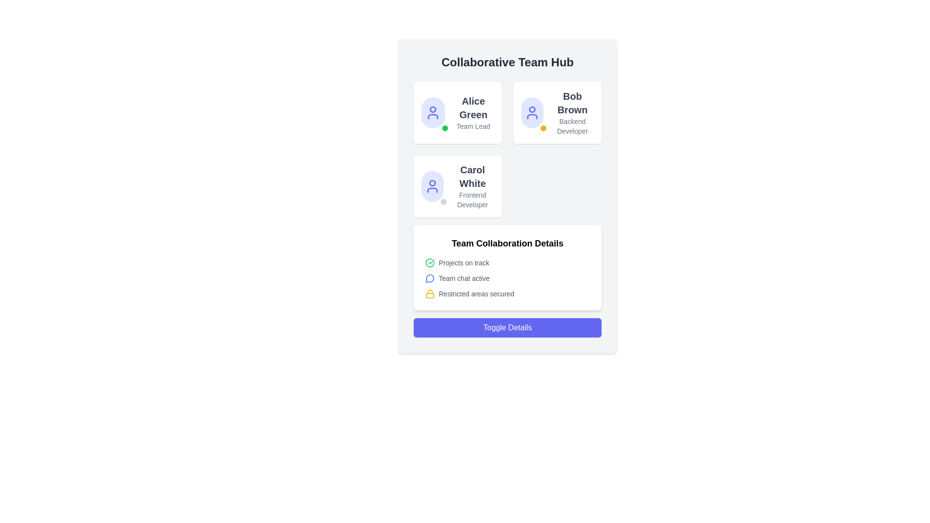 The width and height of the screenshot is (930, 523). What do you see at coordinates (464, 263) in the screenshot?
I see `text label displaying 'Projects on track', which is a small gray font located in the 'Team Collaboration Details' section, positioned to the right of a green check icon` at bounding box center [464, 263].